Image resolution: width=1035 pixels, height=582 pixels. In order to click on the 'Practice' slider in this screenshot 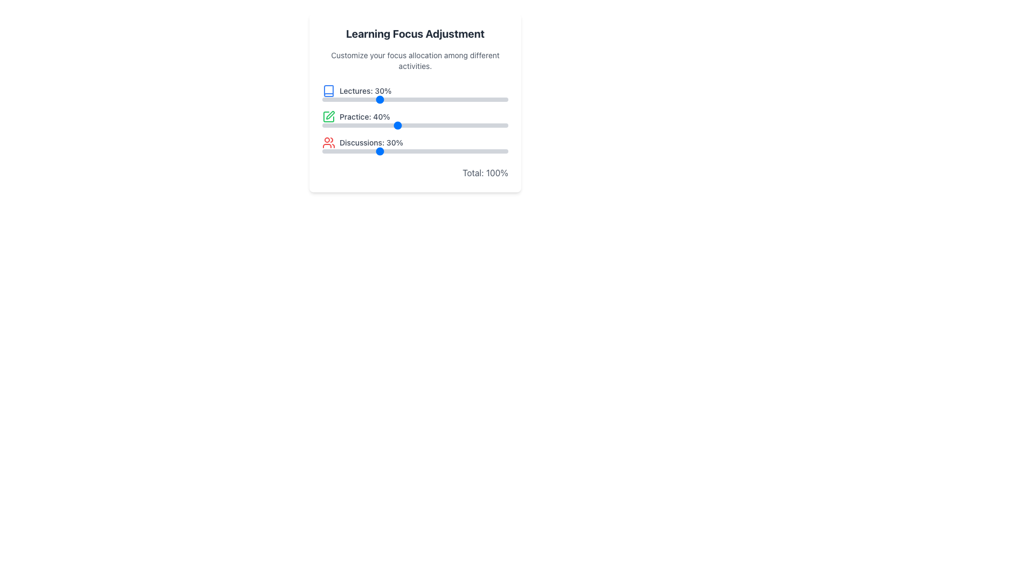, I will do `click(411, 124)`.